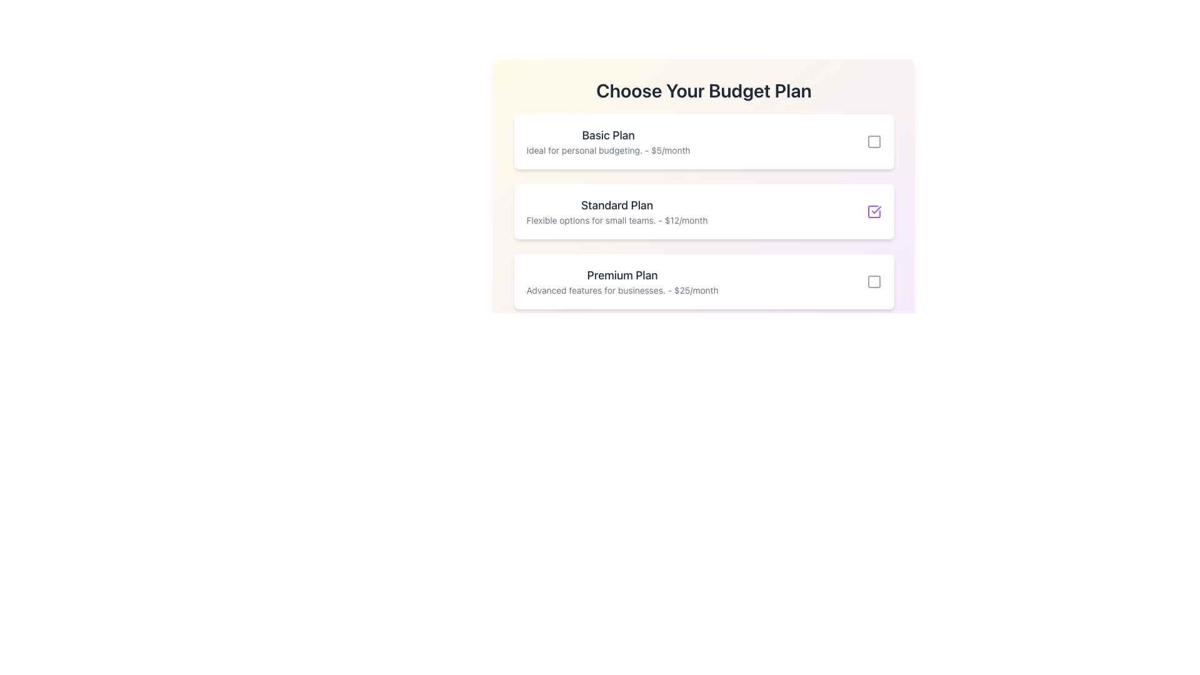 This screenshot has height=675, width=1200. Describe the element at coordinates (873, 282) in the screenshot. I see `the light gray checkbox located to the right of the 'Premium Plan' option` at that location.